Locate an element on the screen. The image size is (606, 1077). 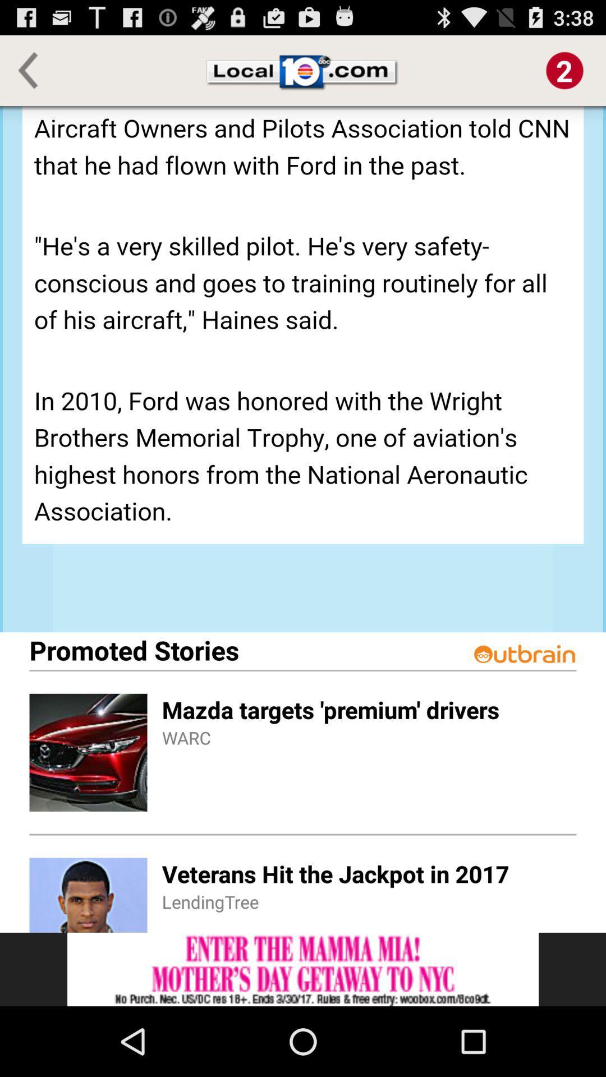
number two is located at coordinates (564, 70).